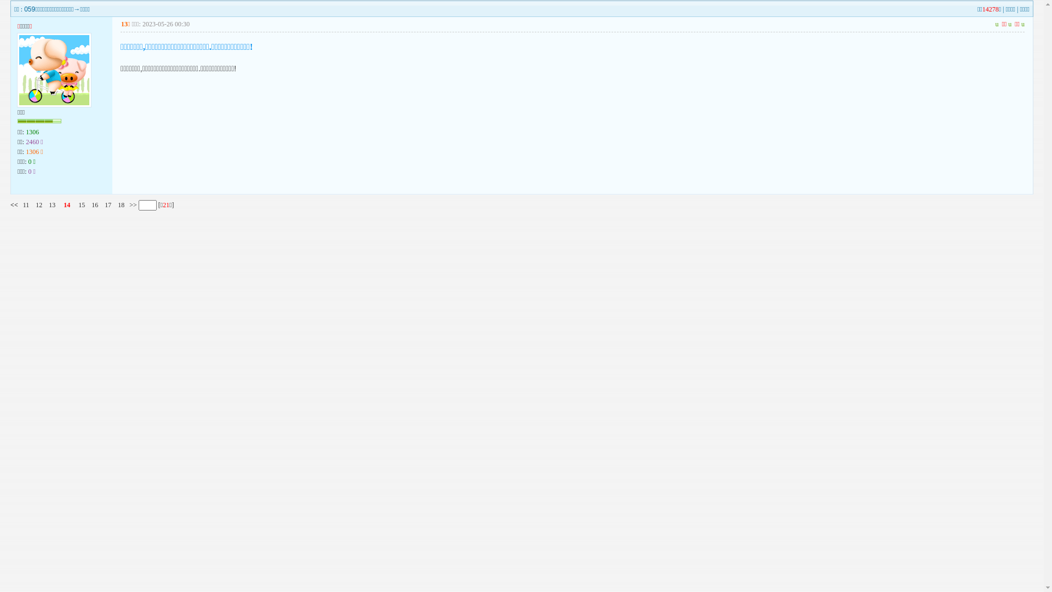 Image resolution: width=1052 pixels, height=592 pixels. I want to click on '13', so click(52, 205).